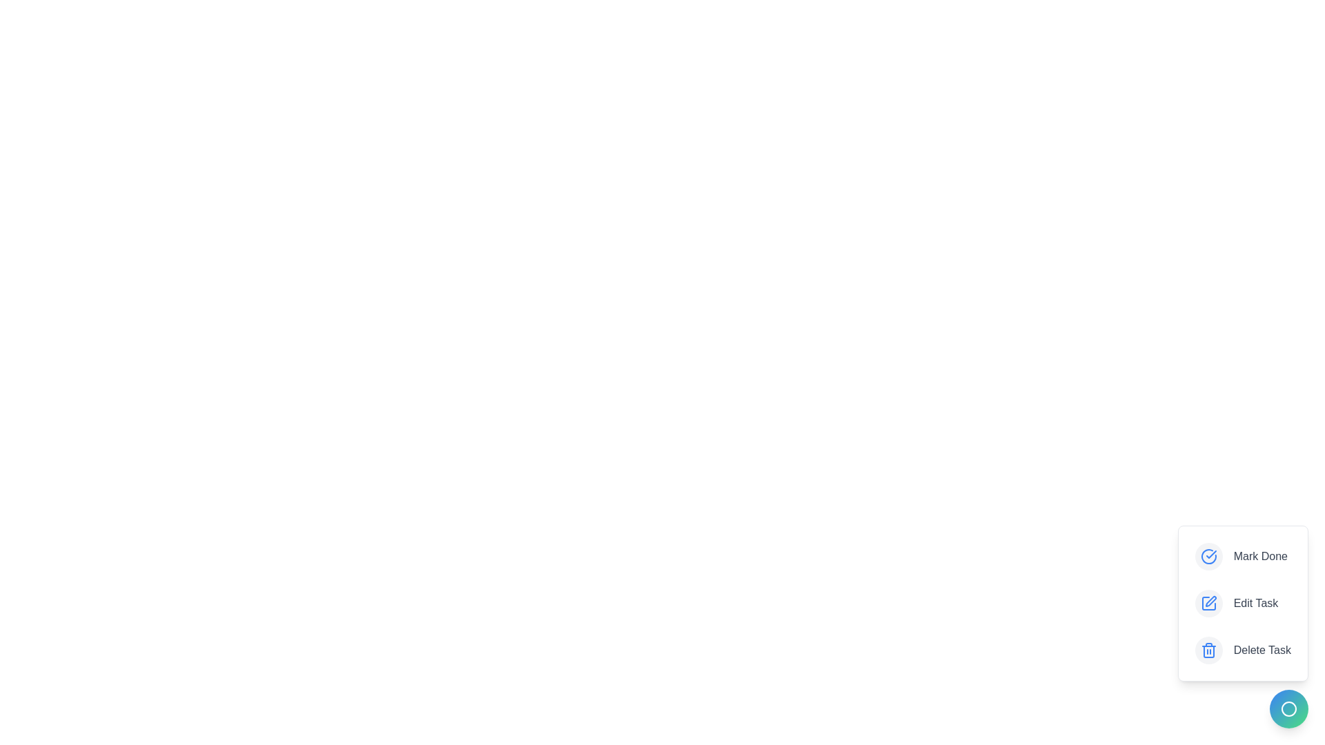 This screenshot has height=745, width=1325. What do you see at coordinates (1242, 650) in the screenshot?
I see `the 'Delete Task' button to initiate the delete task action` at bounding box center [1242, 650].